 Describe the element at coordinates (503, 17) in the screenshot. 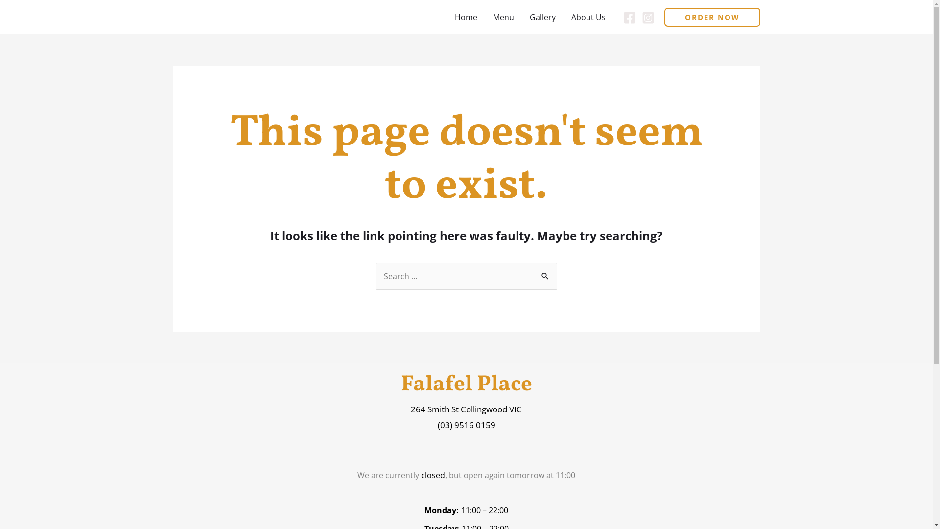

I see `'Menu'` at that location.